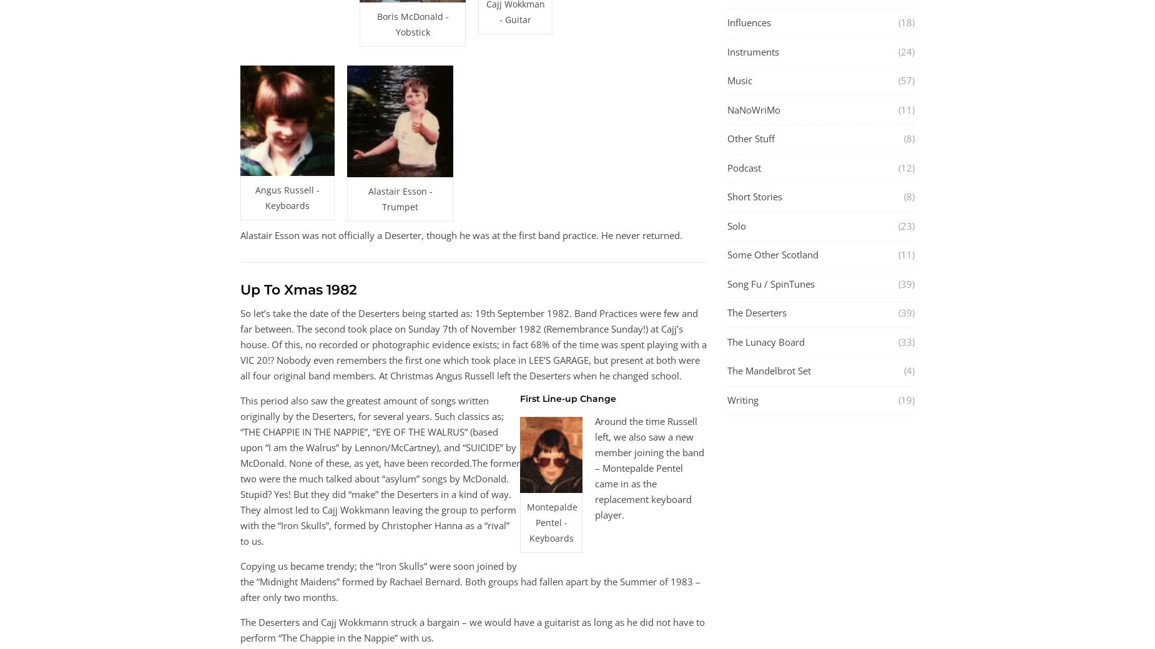  What do you see at coordinates (473, 343) in the screenshot?
I see `'So let’s take the date of the Deserters being started as: 19th September 1982. Band Practices were few and far between. The second took place on Sunday 7th of November 1982 (Remembrance Sunday!) at Cajj’s house. Of this, no recorded or photographic evidence exists; in fact 68% of the time was spent playing with a VIC 20!? Nobody even remembers the first one which took place in LEE’S GARAGE, but present at both were all four original band members. At Christmas Angus Russell left the Deserters when he changed school.'` at bounding box center [473, 343].